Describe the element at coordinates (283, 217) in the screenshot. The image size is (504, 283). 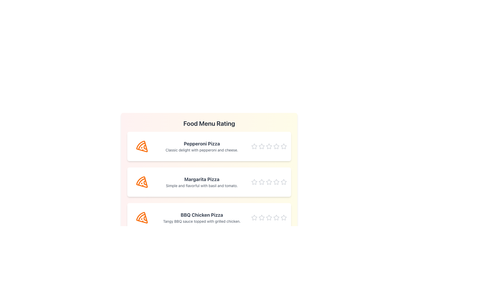
I see `the fifth star-shaped rating button for the 'BBQ Chicken Pizza' item in the 'Food Menu Rating' section to observe its interactive response` at that location.